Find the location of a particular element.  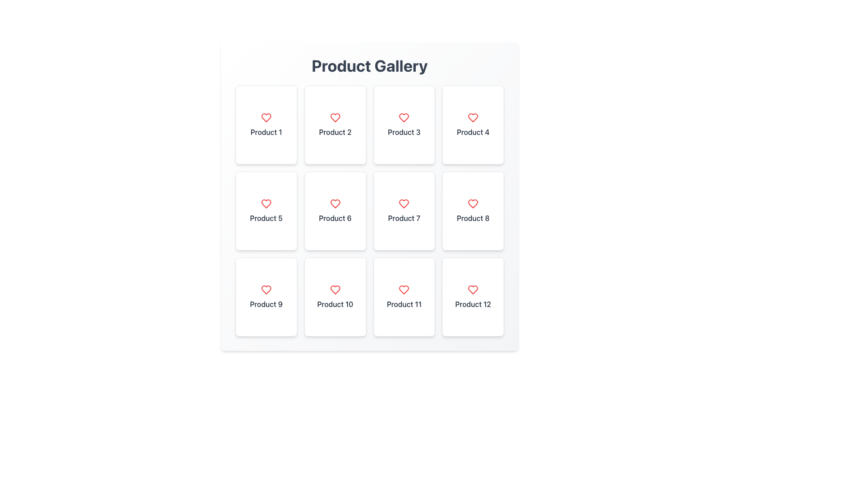

the heart icon representing the favorite feature located on the 'Product 8' card in the second row, fourth column of the grid layout is located at coordinates (473, 204).